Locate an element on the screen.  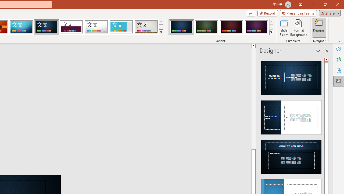
'Damask Variant 2' is located at coordinates (206, 27).